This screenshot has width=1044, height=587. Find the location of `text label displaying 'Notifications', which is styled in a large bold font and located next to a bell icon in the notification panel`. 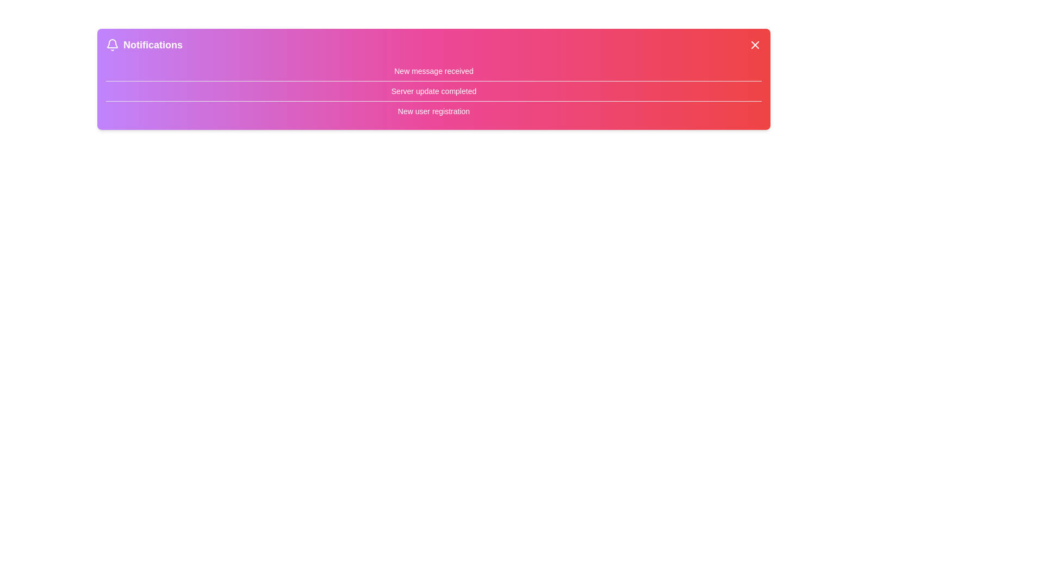

text label displaying 'Notifications', which is styled in a large bold font and located next to a bell icon in the notification panel is located at coordinates (152, 45).